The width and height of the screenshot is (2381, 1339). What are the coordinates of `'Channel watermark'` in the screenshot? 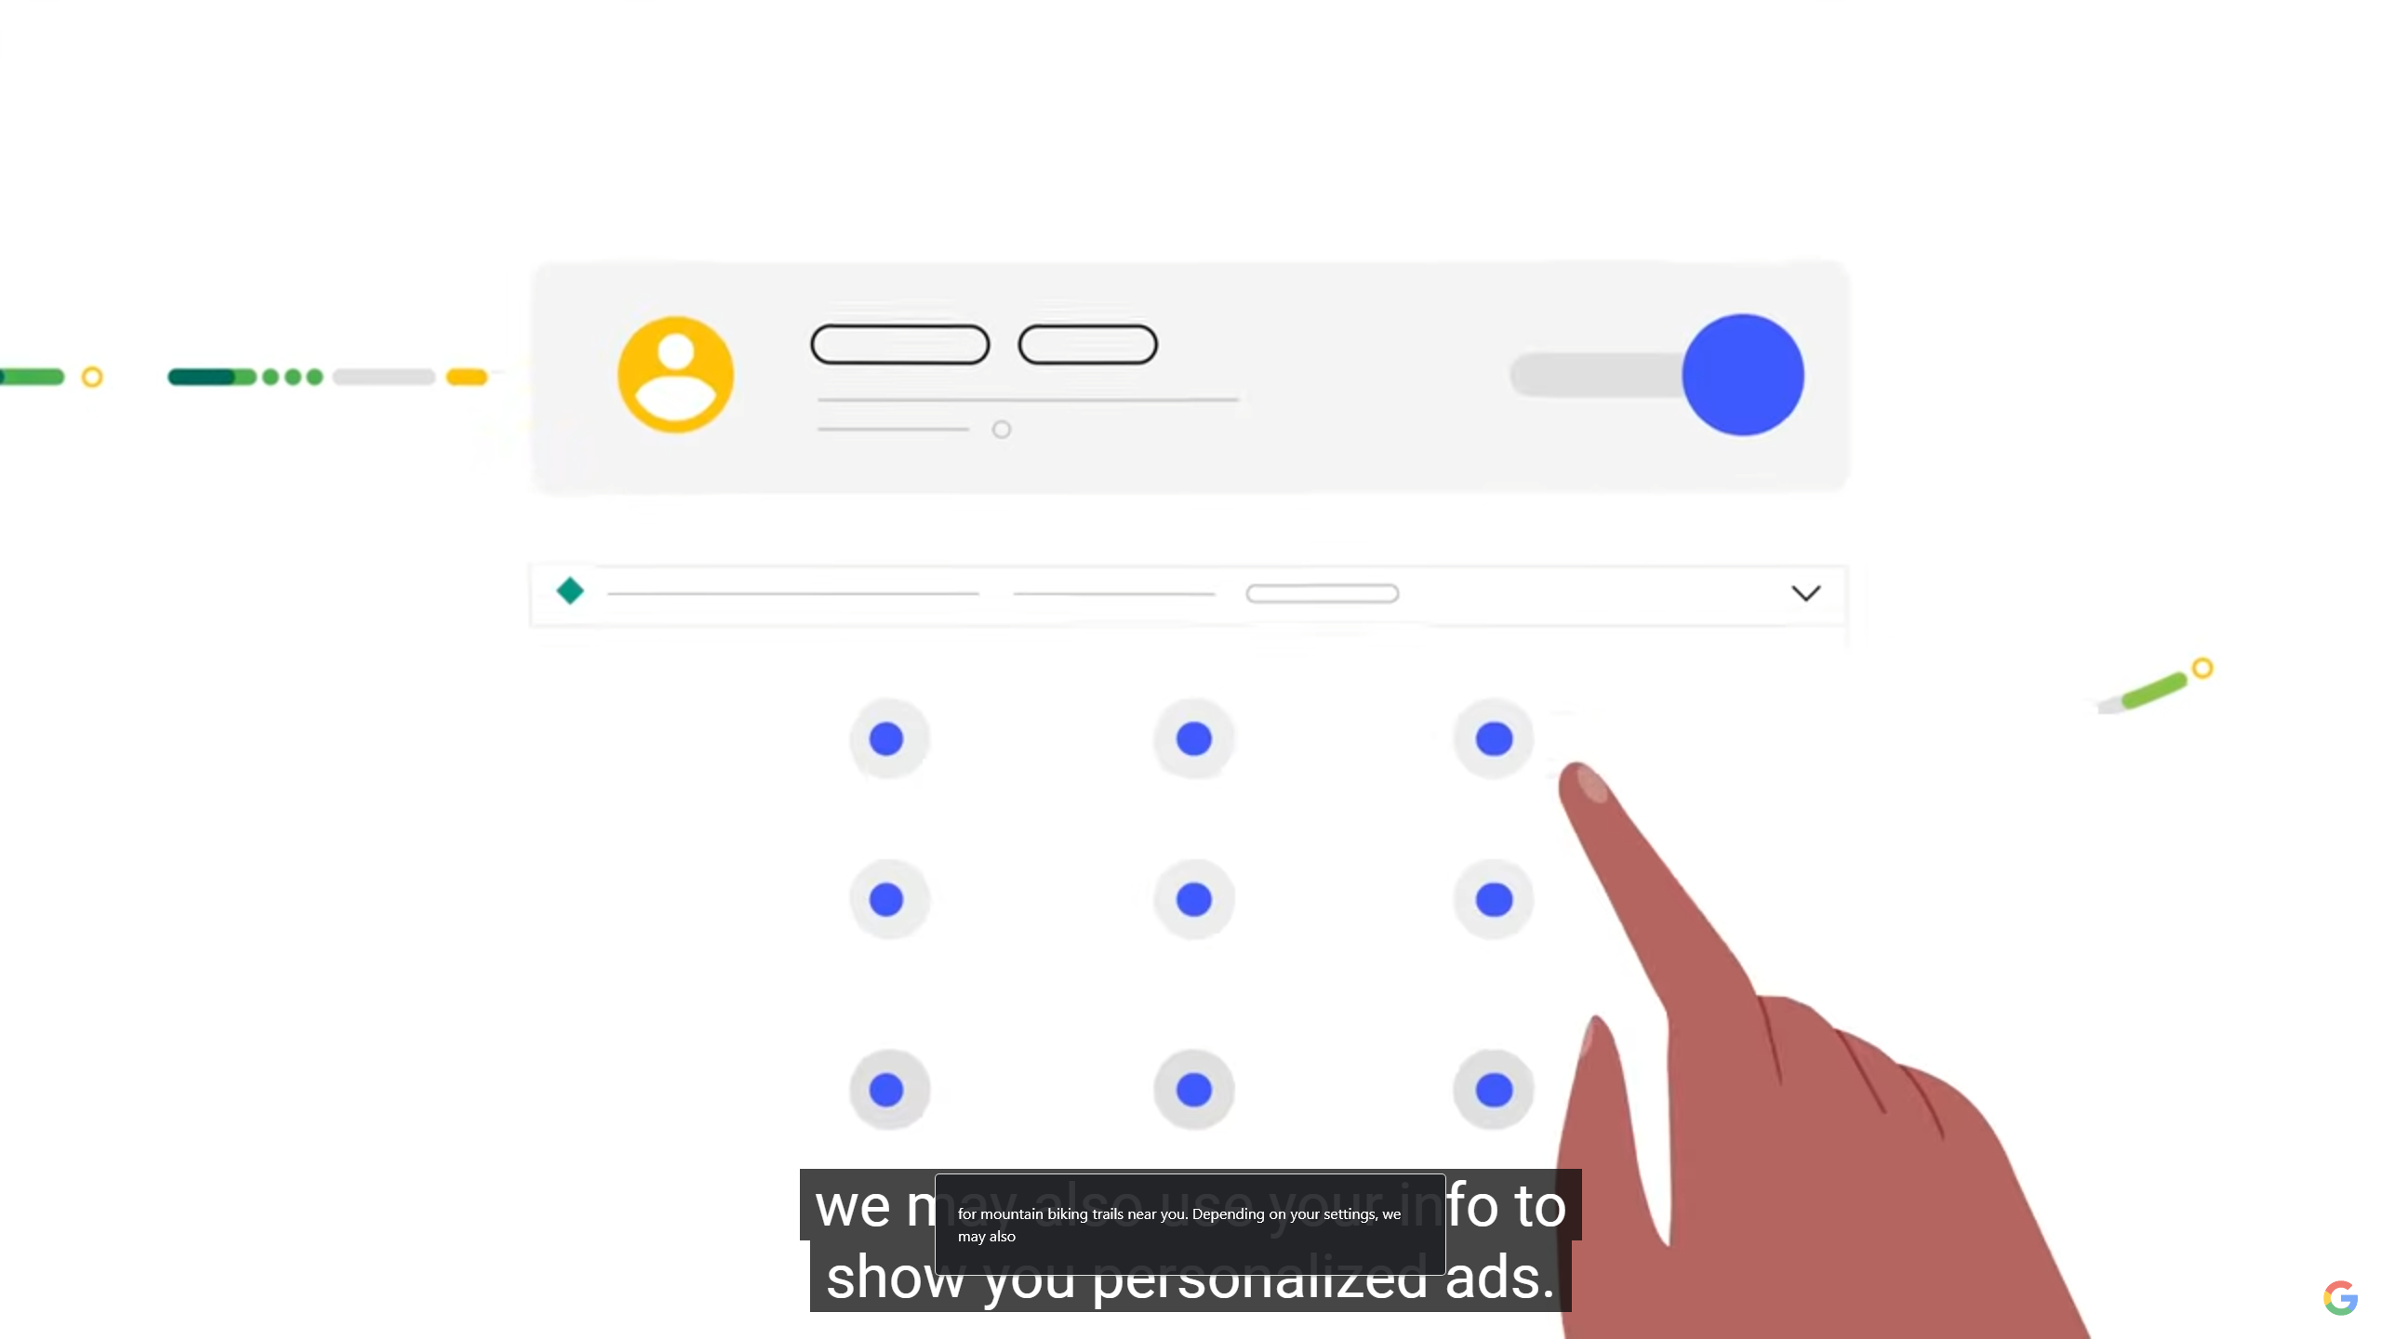 It's located at (2339, 1297).